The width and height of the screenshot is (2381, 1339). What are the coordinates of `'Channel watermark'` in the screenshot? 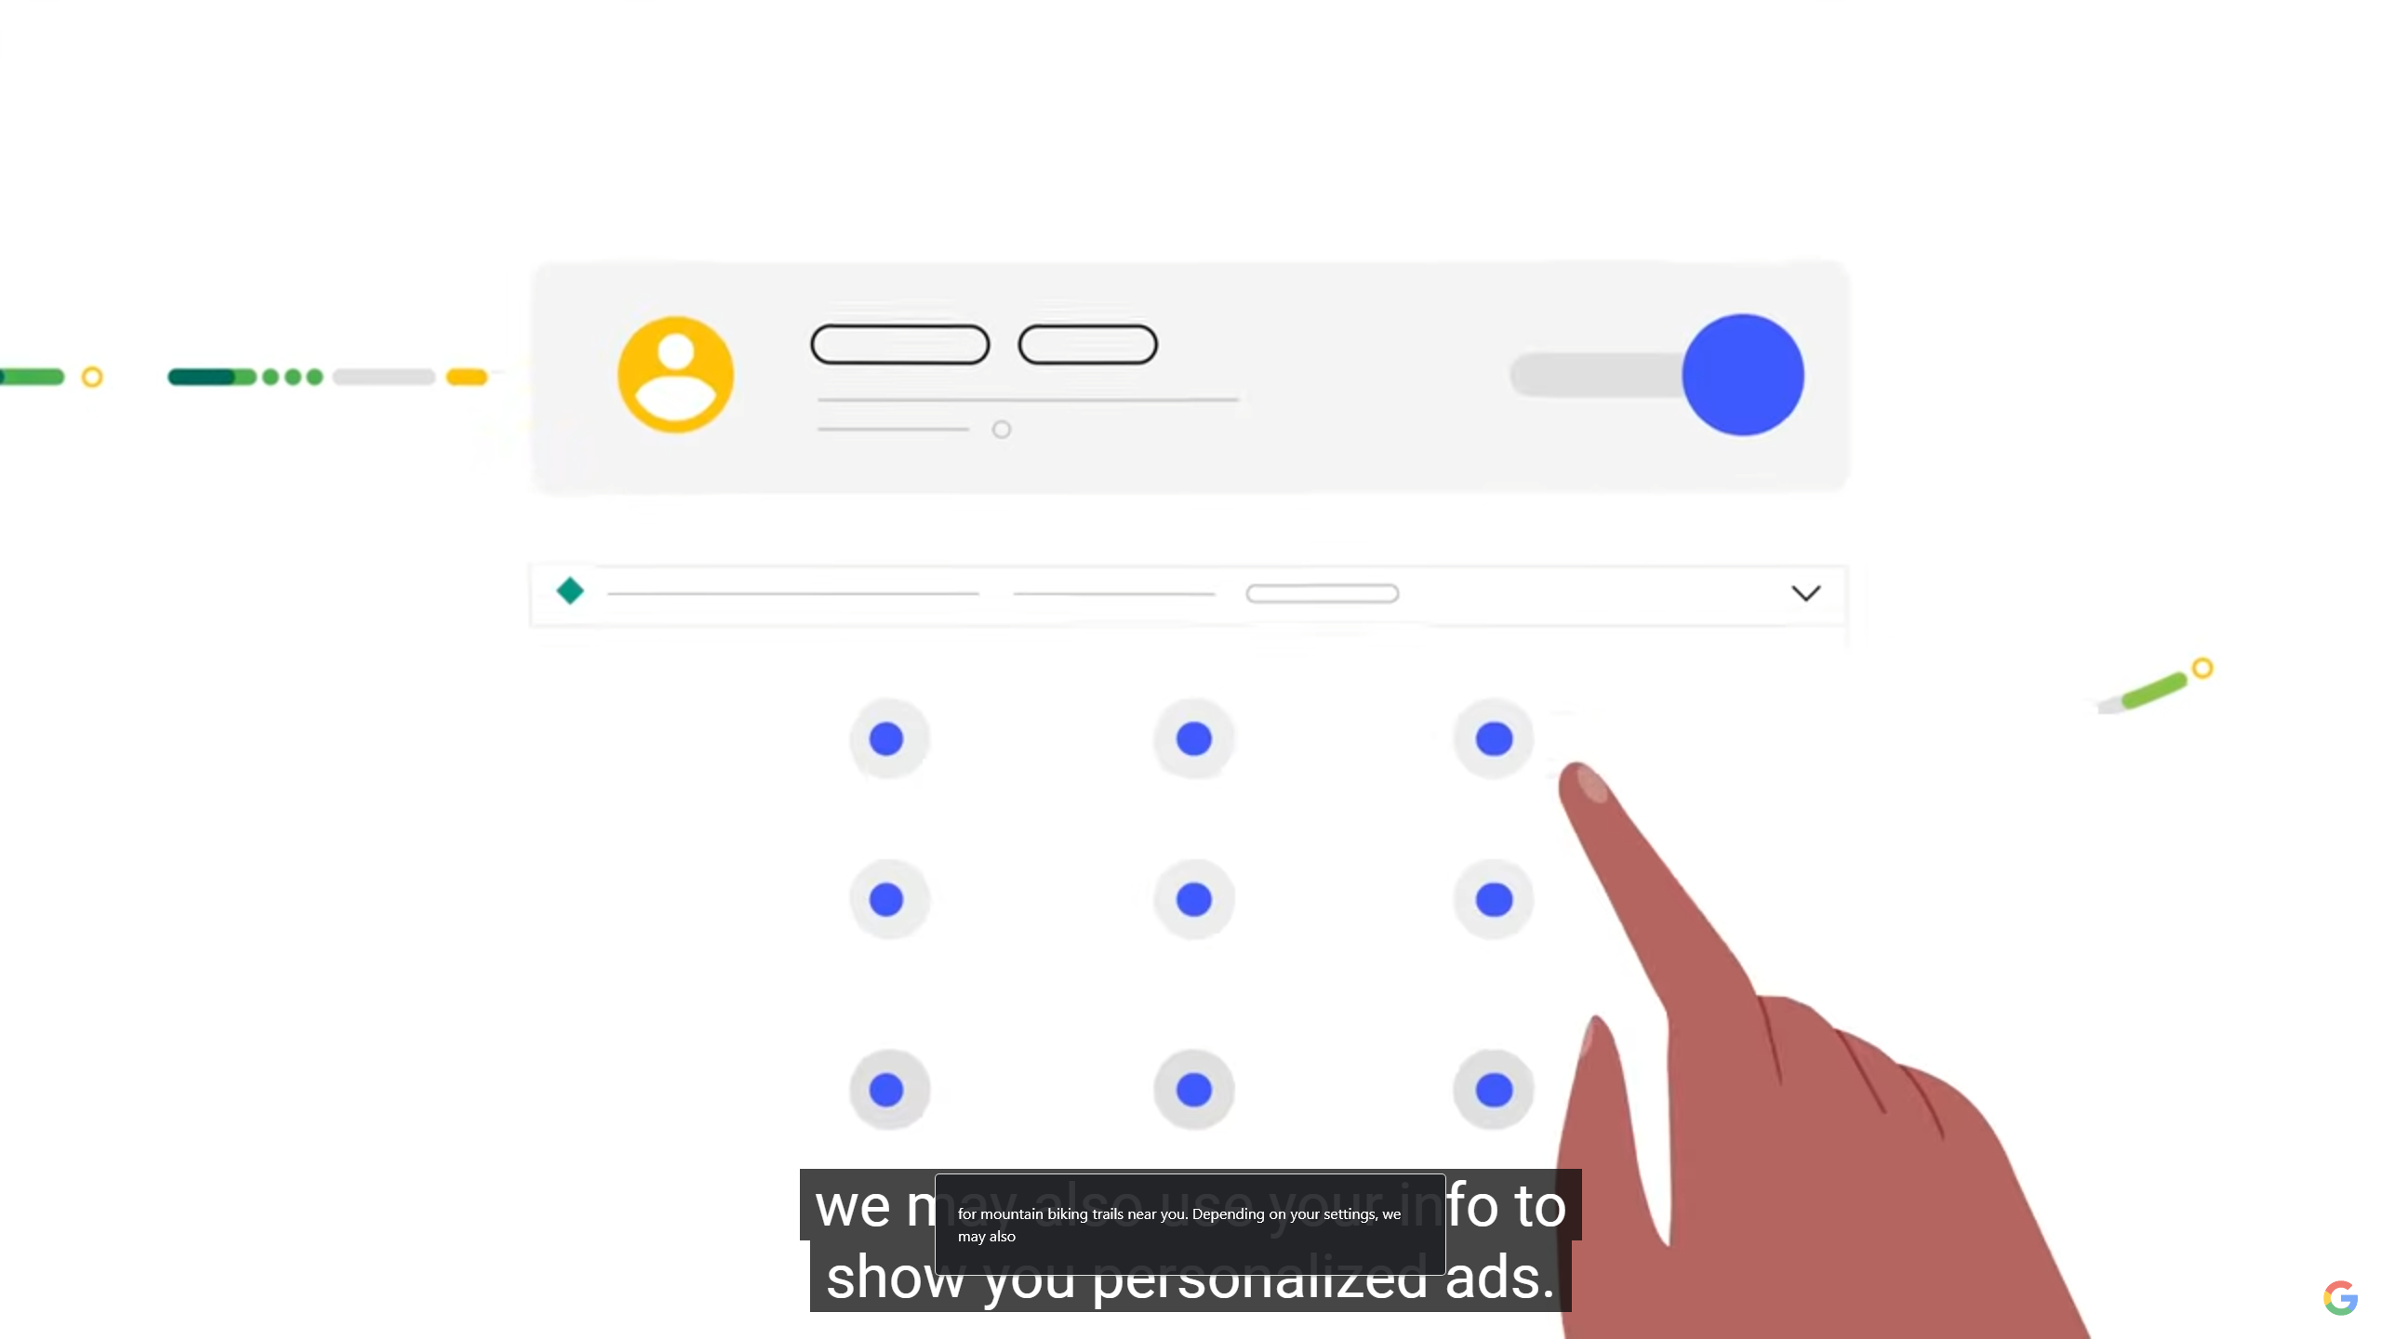 It's located at (2339, 1297).